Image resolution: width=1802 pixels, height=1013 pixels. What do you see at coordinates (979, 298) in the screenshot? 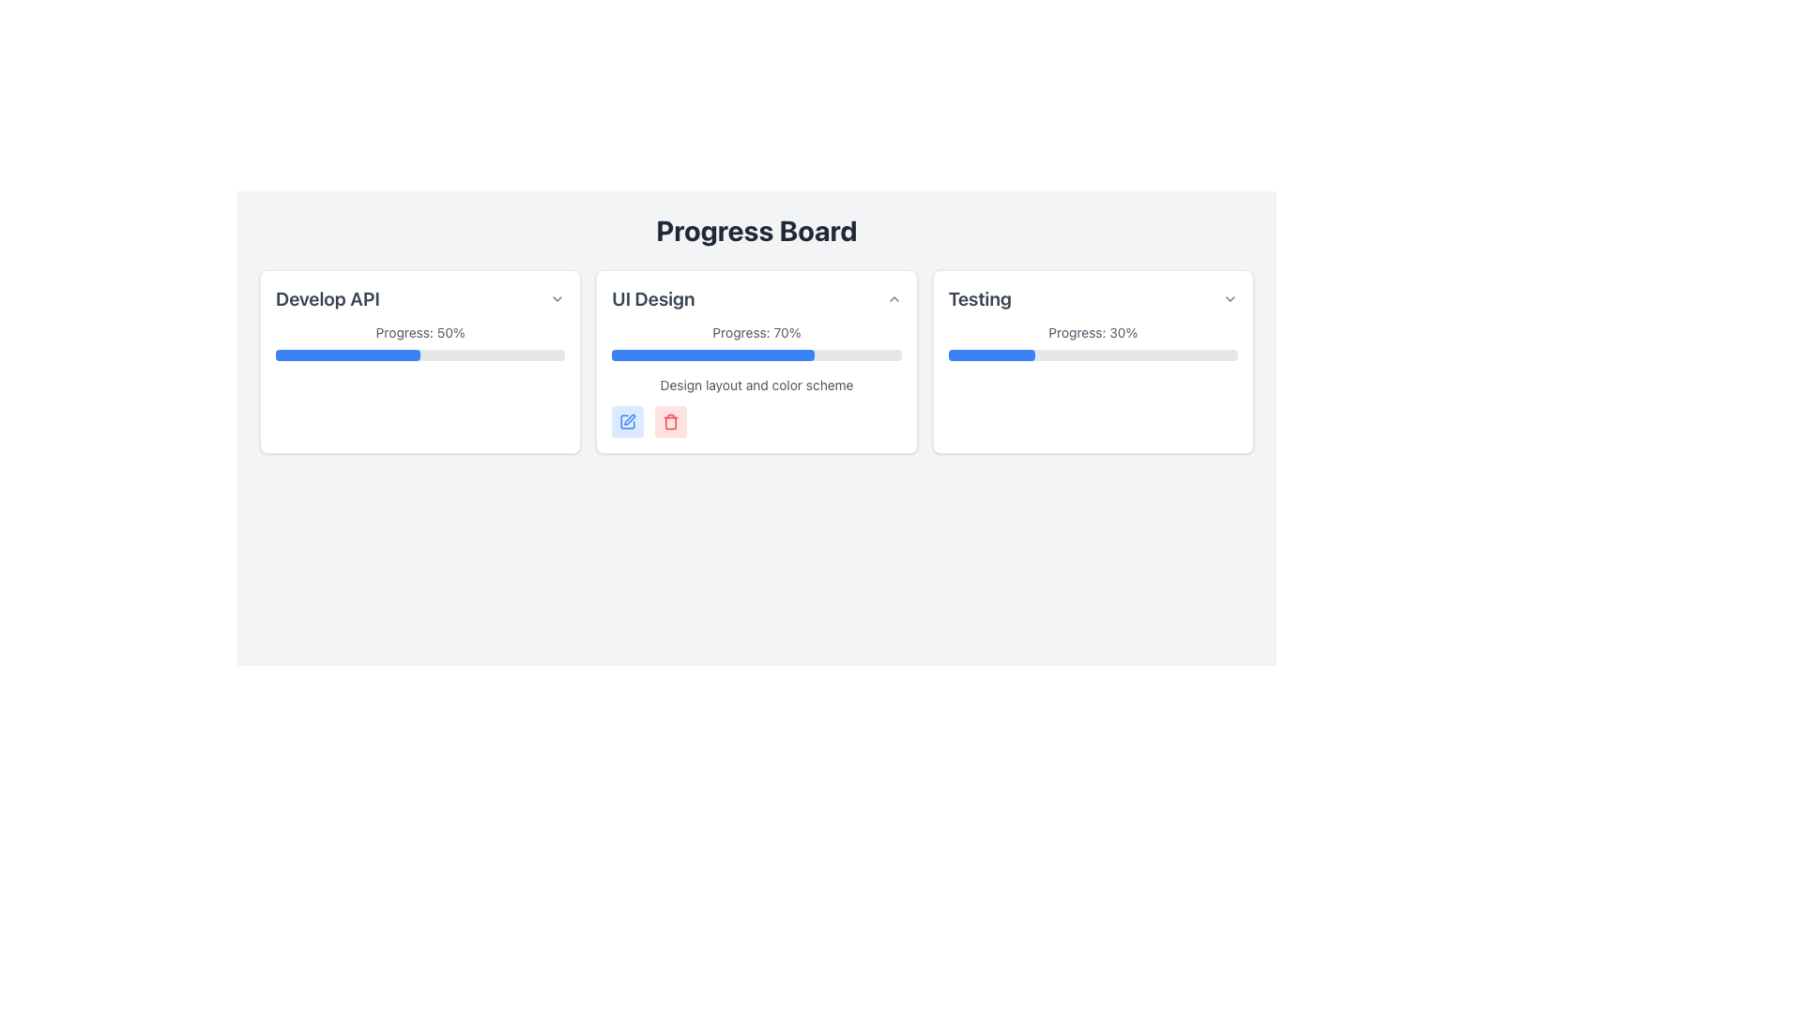
I see `the title or header text located in the rightmost card of a three-card arrangement, positioned at the upper-left corner next to an interactive icon` at bounding box center [979, 298].